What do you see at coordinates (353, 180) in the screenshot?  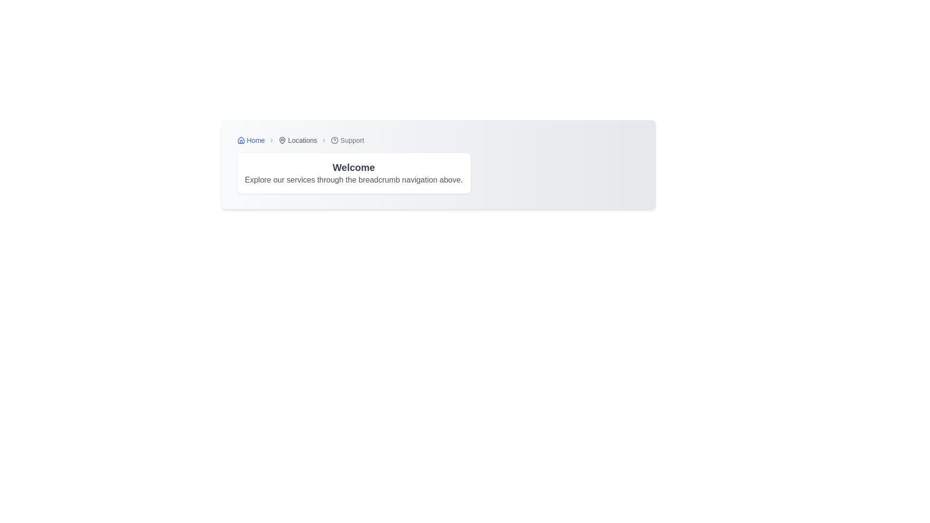 I see `the informative text block located directly under the 'Welcome' heading, which is inside a white, rounded rectangle area with padding and a shadow effect` at bounding box center [353, 180].